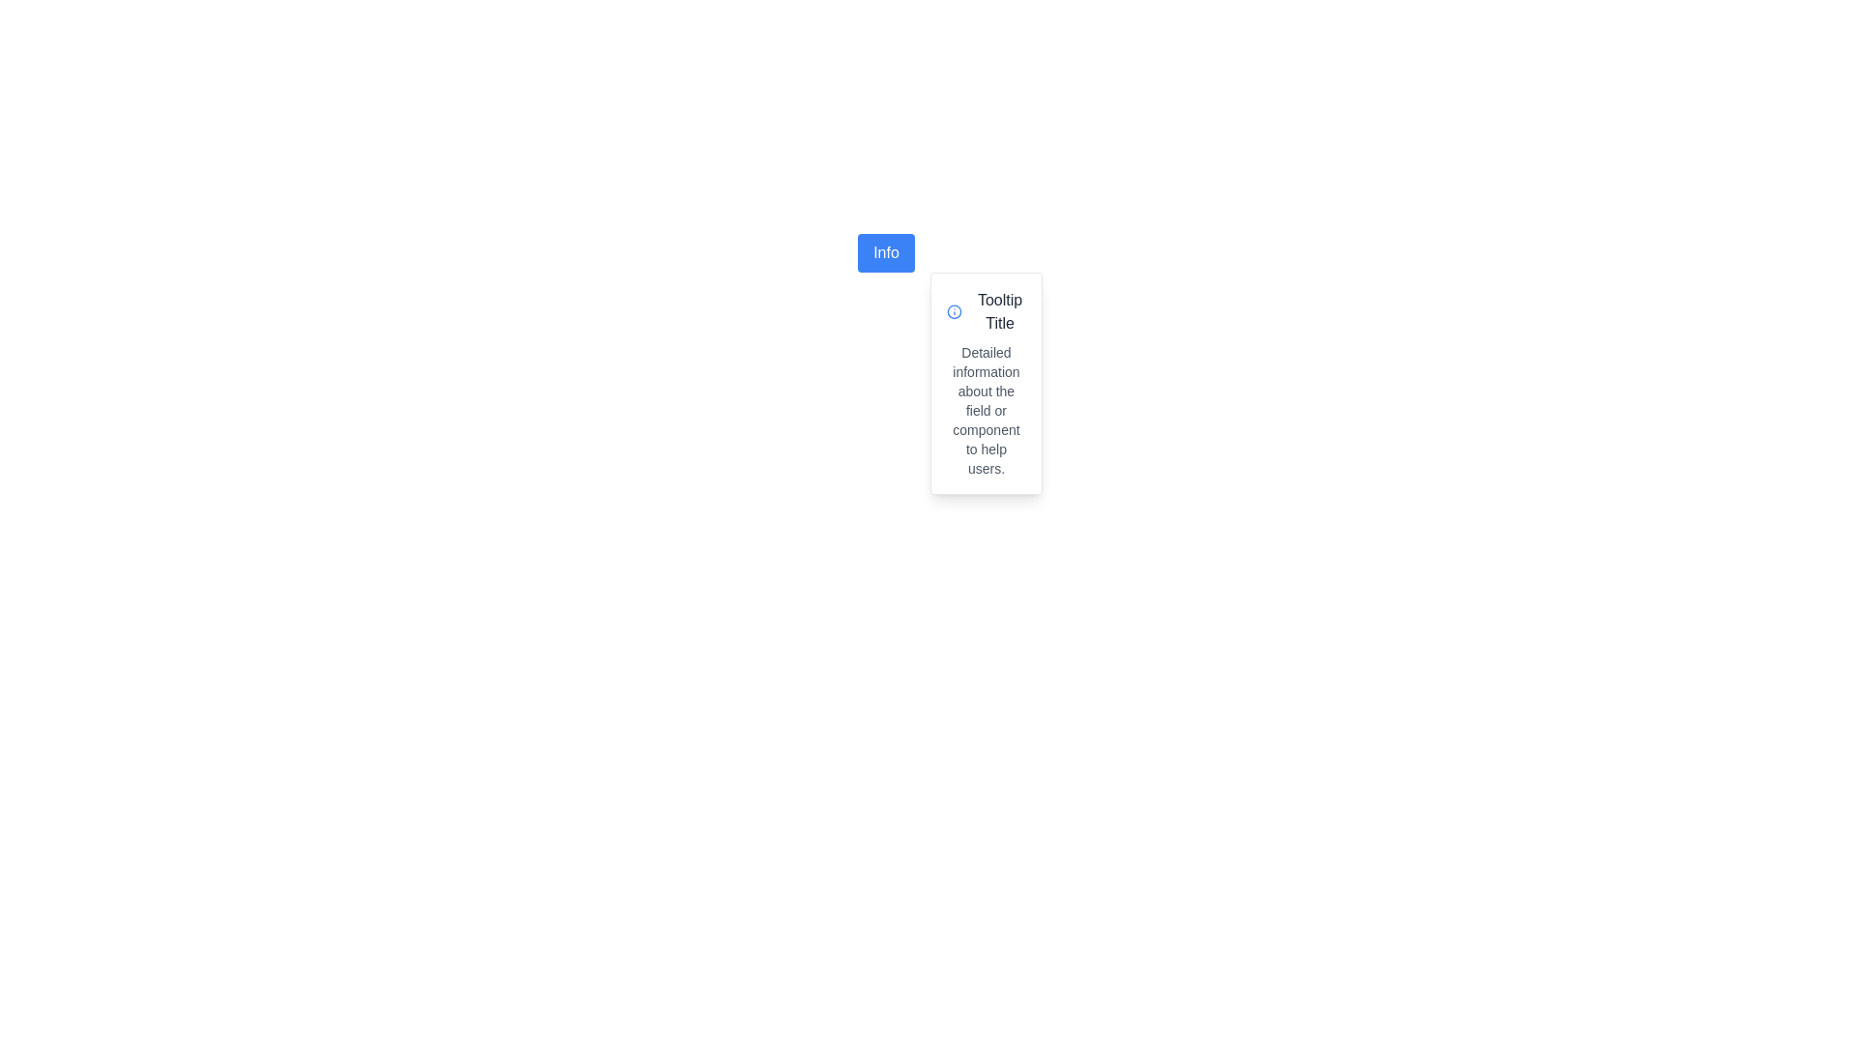 The image size is (1857, 1044). What do you see at coordinates (986, 384) in the screenshot?
I see `the tooltip box with a white background that contains a header labeled 'Tooltip Title' in bold, dark-gray text, positioned to the right of the blue 'Info' button` at bounding box center [986, 384].